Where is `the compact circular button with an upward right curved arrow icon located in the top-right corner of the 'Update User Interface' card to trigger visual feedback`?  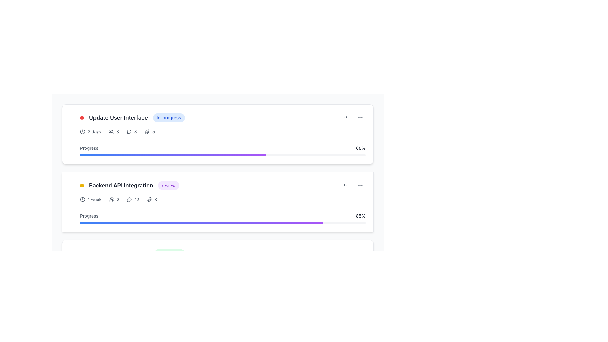
the compact circular button with an upward right curved arrow icon located in the top-right corner of the 'Update User Interface' card to trigger visual feedback is located at coordinates (345, 117).